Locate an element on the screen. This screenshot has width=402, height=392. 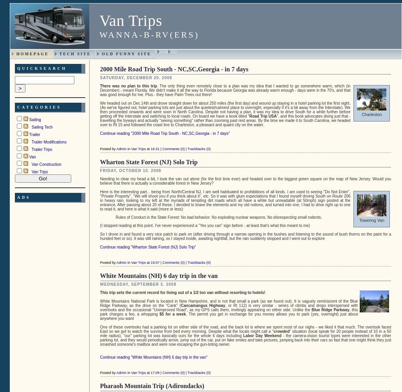
'Continue reading "2000 Mile Road Trip South - NC,SC,Georgia - in 7 days"' is located at coordinates (164, 132).